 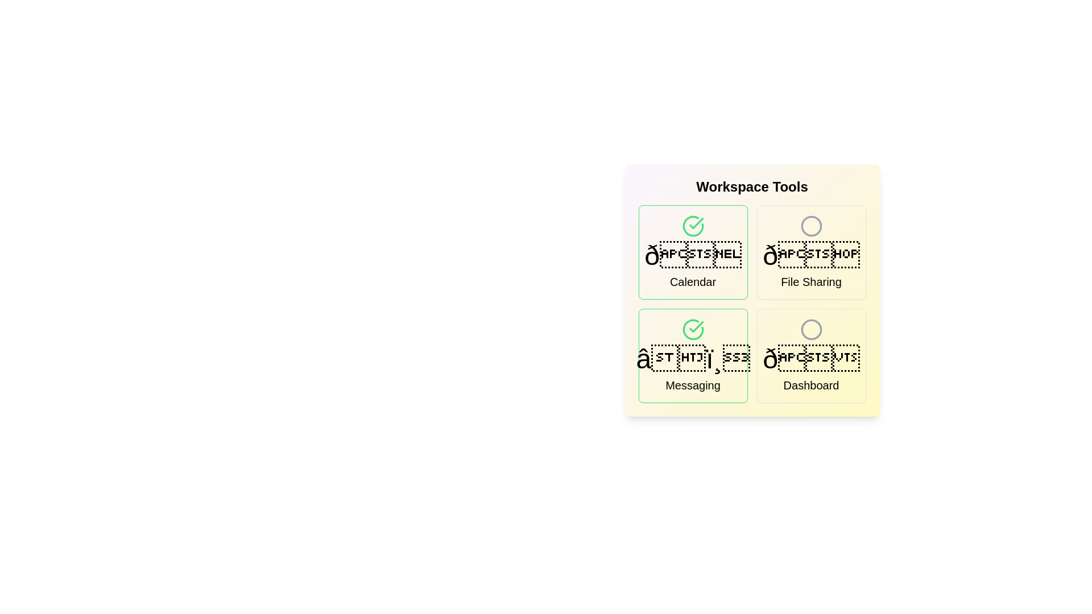 I want to click on the tool identified by Calendar, so click(x=692, y=251).